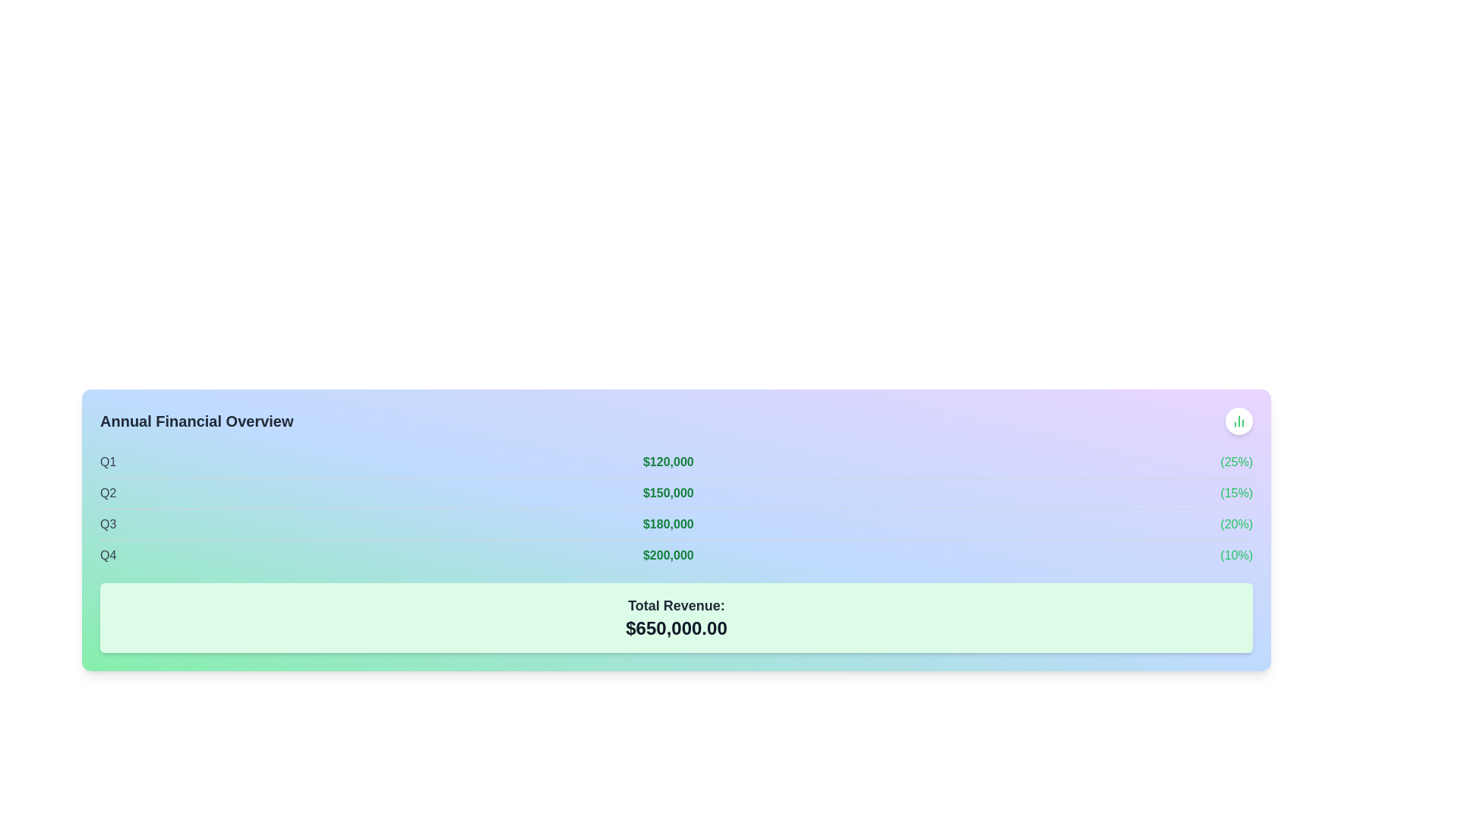  Describe the element at coordinates (668, 462) in the screenshot. I see `the revenue figure for the first quarter (Q1) which is located between the label 'Q1' and the percentage '(25%)'` at that location.